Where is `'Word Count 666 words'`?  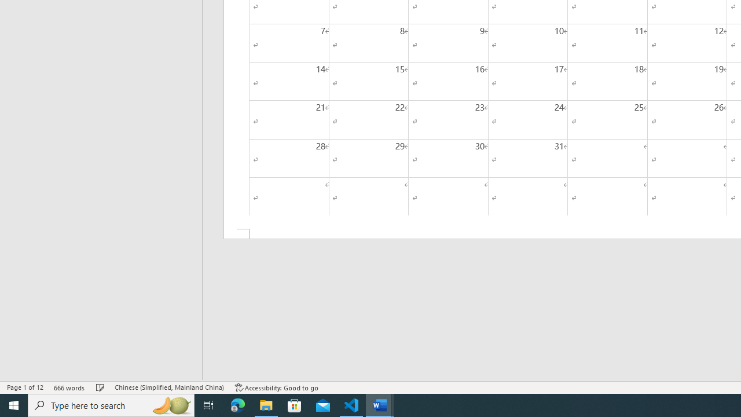
'Word Count 666 words' is located at coordinates (69, 387).